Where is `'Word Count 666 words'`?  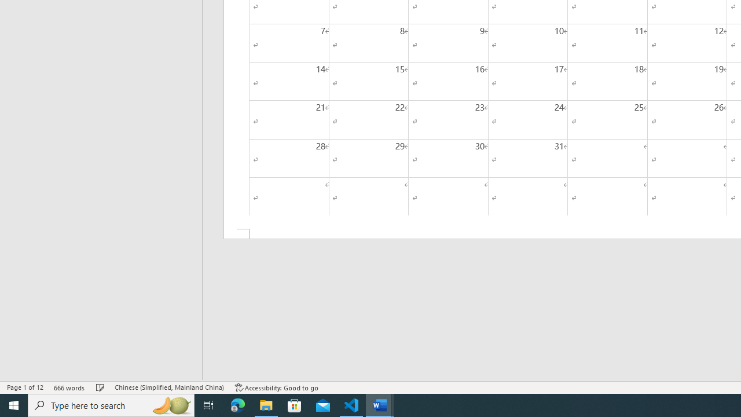
'Word Count 666 words' is located at coordinates (69, 387).